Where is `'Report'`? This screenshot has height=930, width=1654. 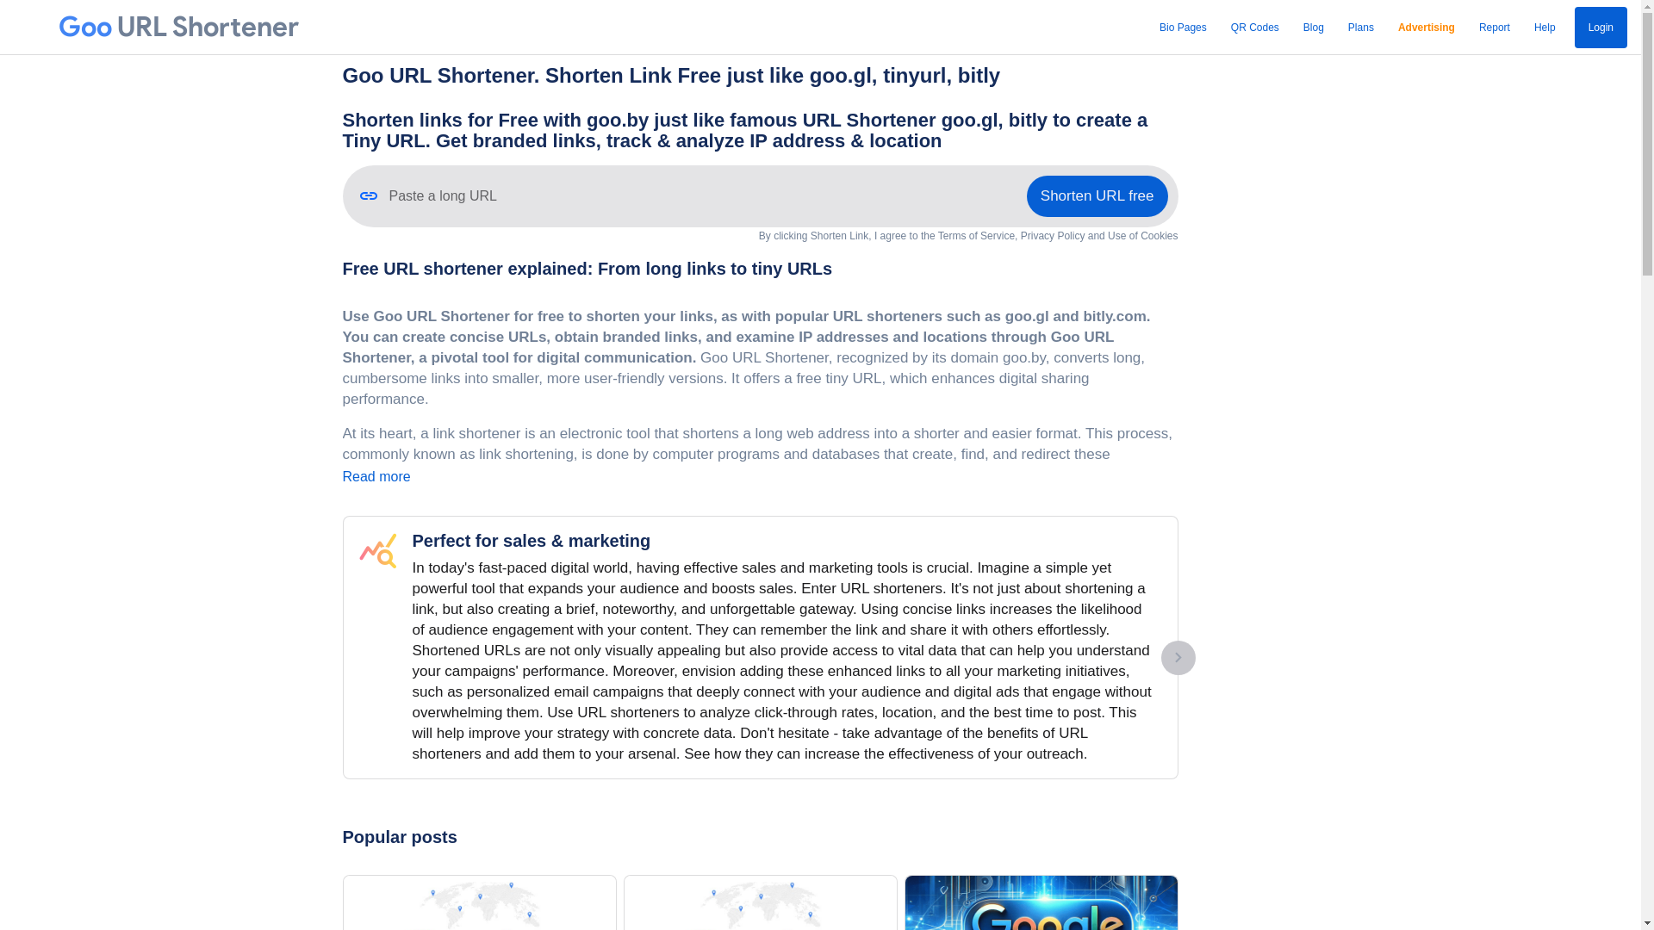
'Report' is located at coordinates (1493, 27).